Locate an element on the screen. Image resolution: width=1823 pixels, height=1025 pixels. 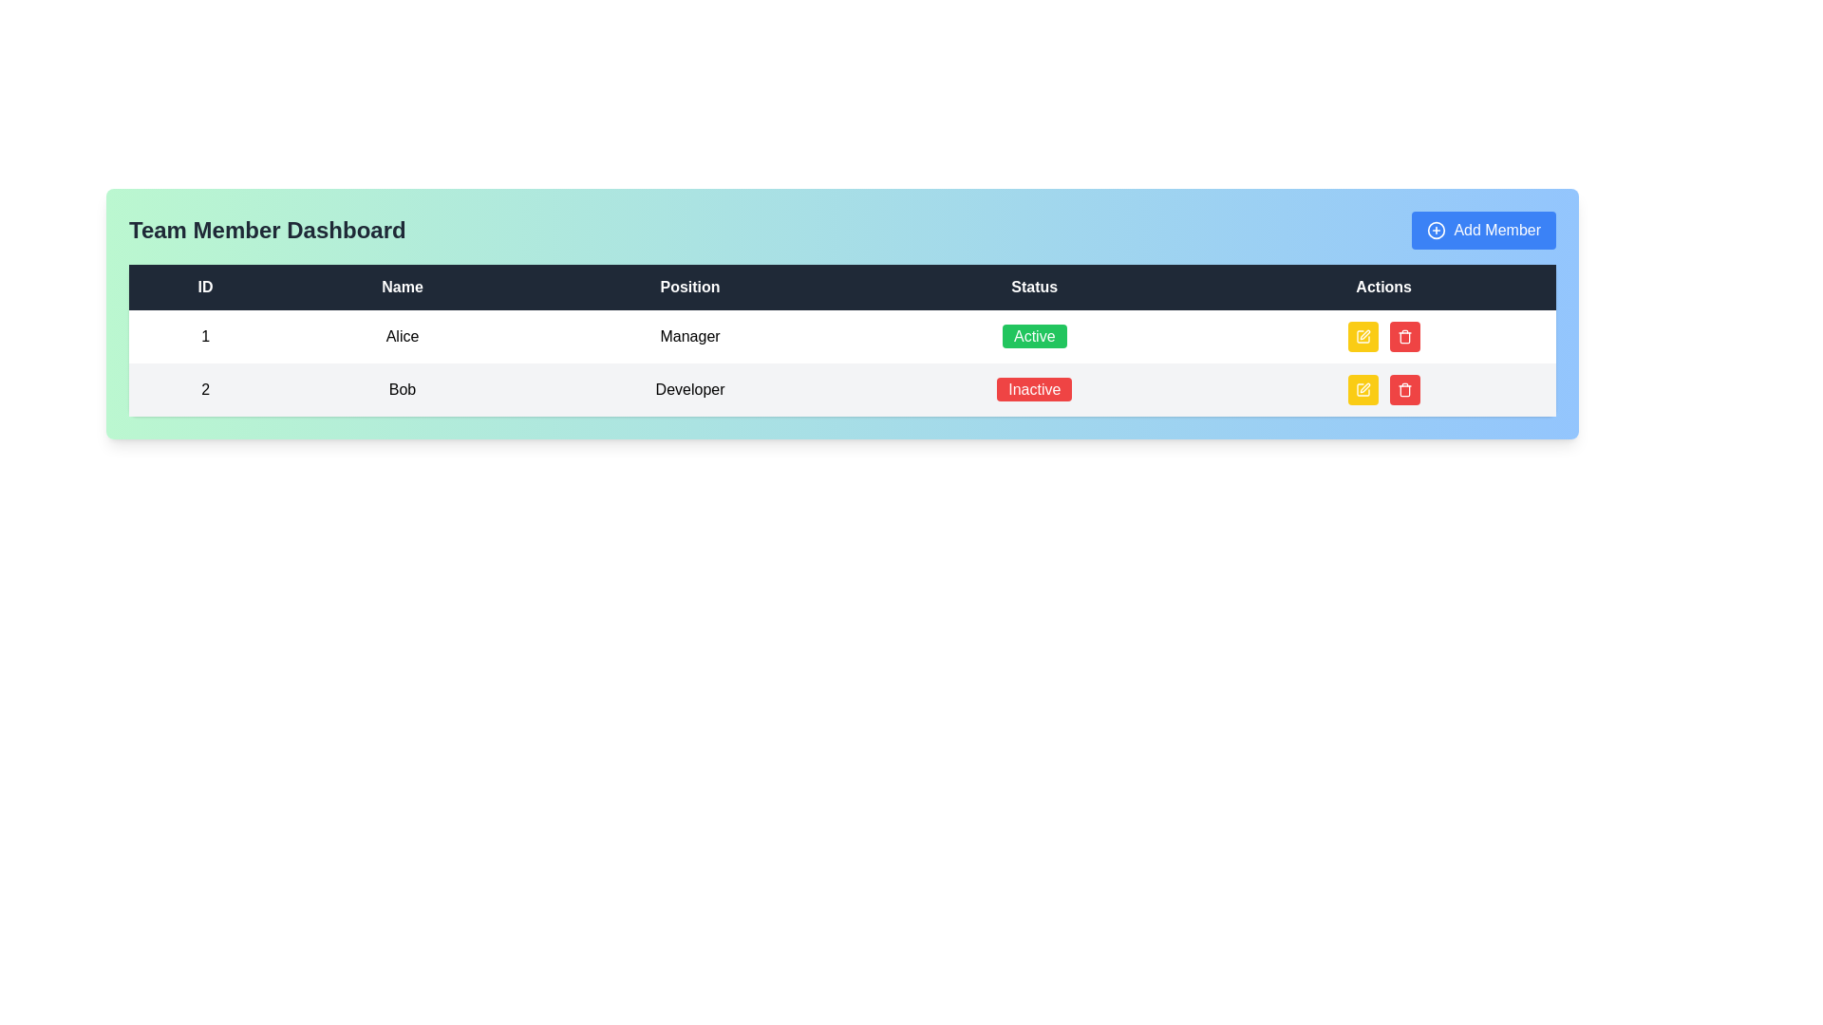
the first table row containing details about team member 'Alice' is located at coordinates (841, 335).